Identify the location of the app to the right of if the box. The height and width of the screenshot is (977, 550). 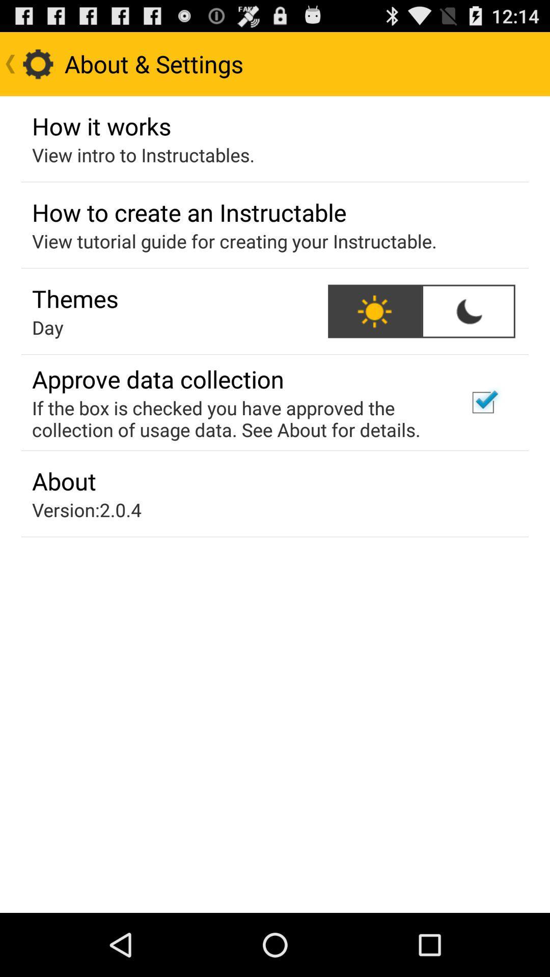
(482, 402).